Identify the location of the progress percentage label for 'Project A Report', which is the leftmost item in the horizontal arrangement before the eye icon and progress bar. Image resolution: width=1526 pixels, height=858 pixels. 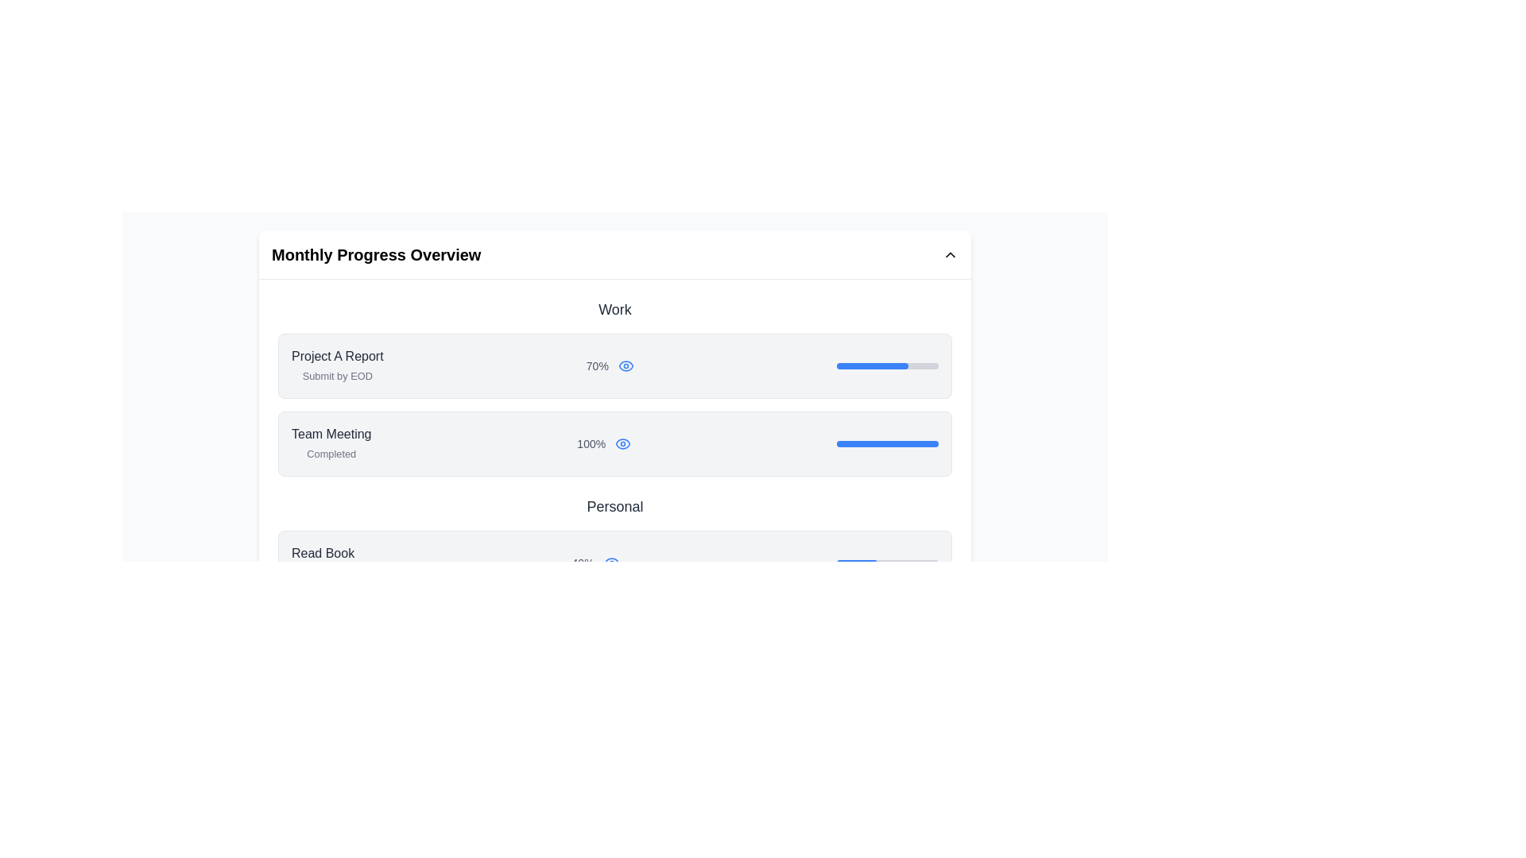
(596, 366).